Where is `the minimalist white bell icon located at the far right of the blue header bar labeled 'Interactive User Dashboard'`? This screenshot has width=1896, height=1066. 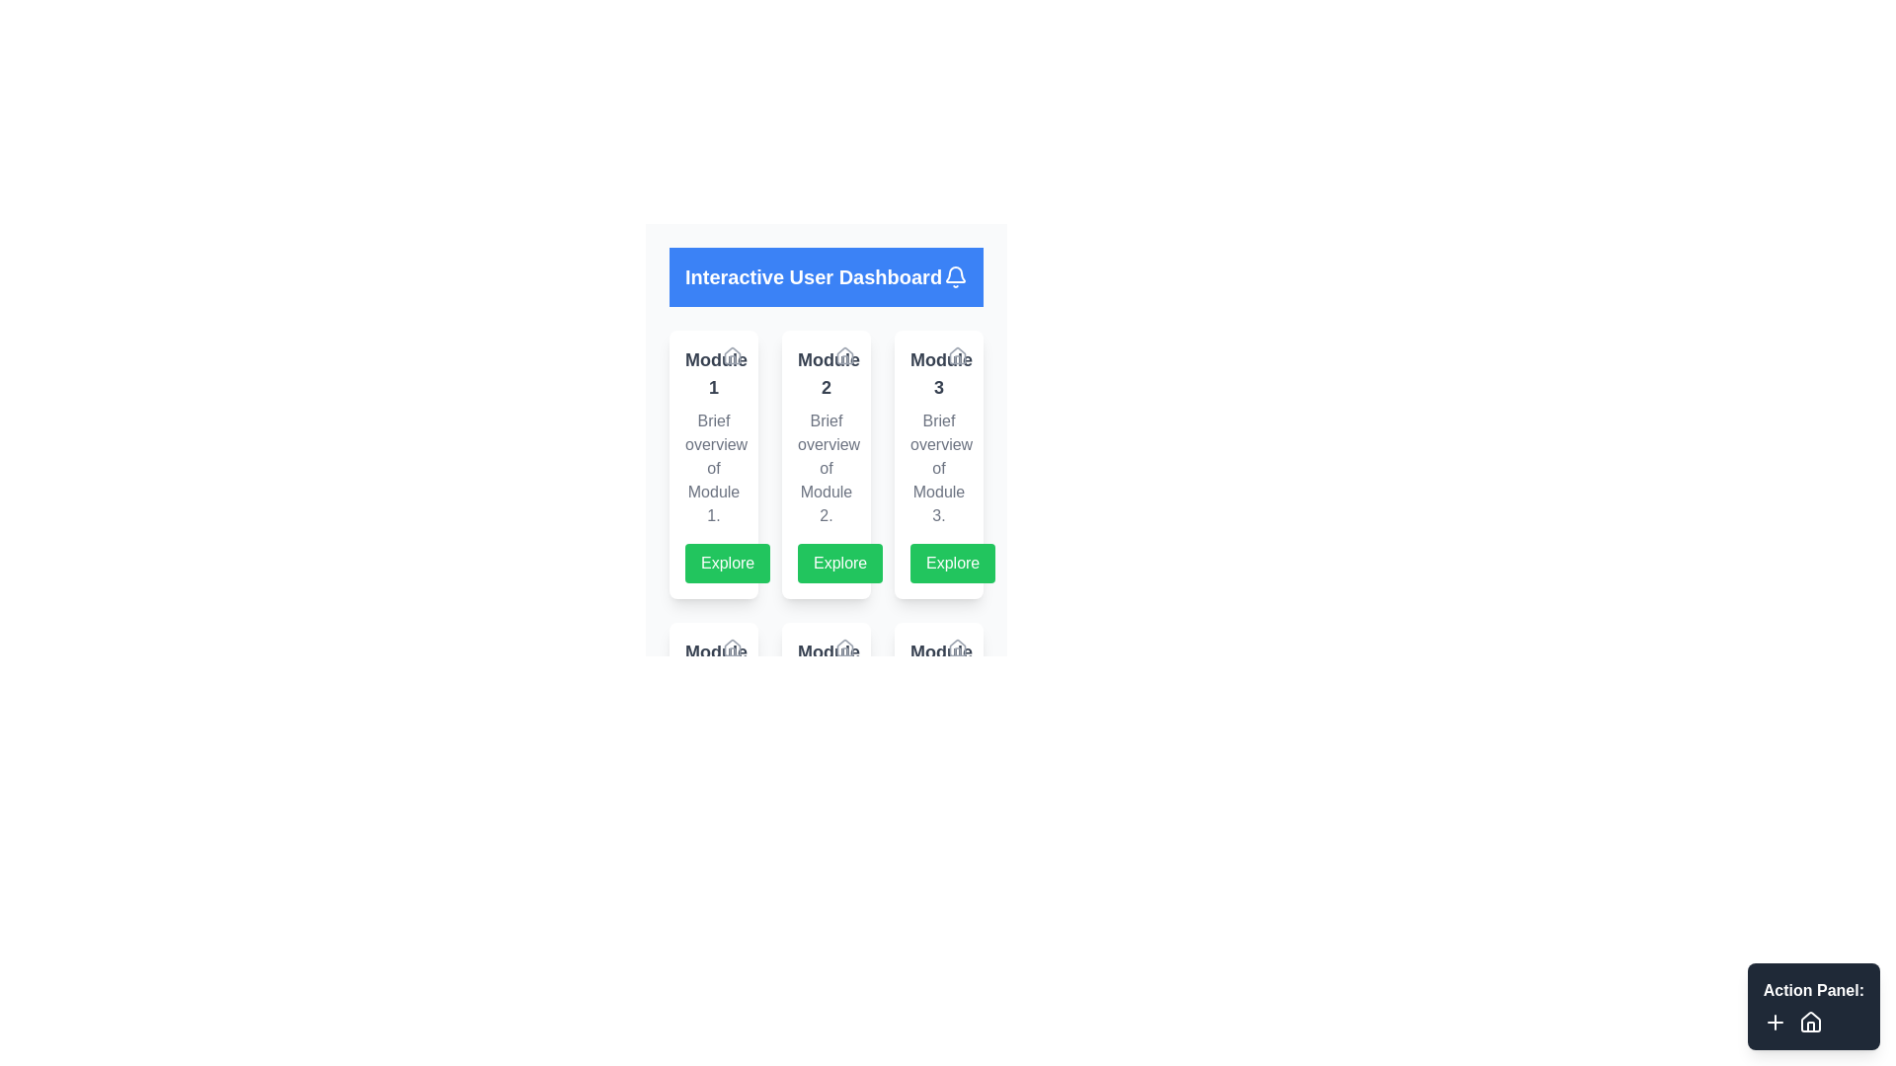
the minimalist white bell icon located at the far right of the blue header bar labeled 'Interactive User Dashboard' is located at coordinates (956, 277).